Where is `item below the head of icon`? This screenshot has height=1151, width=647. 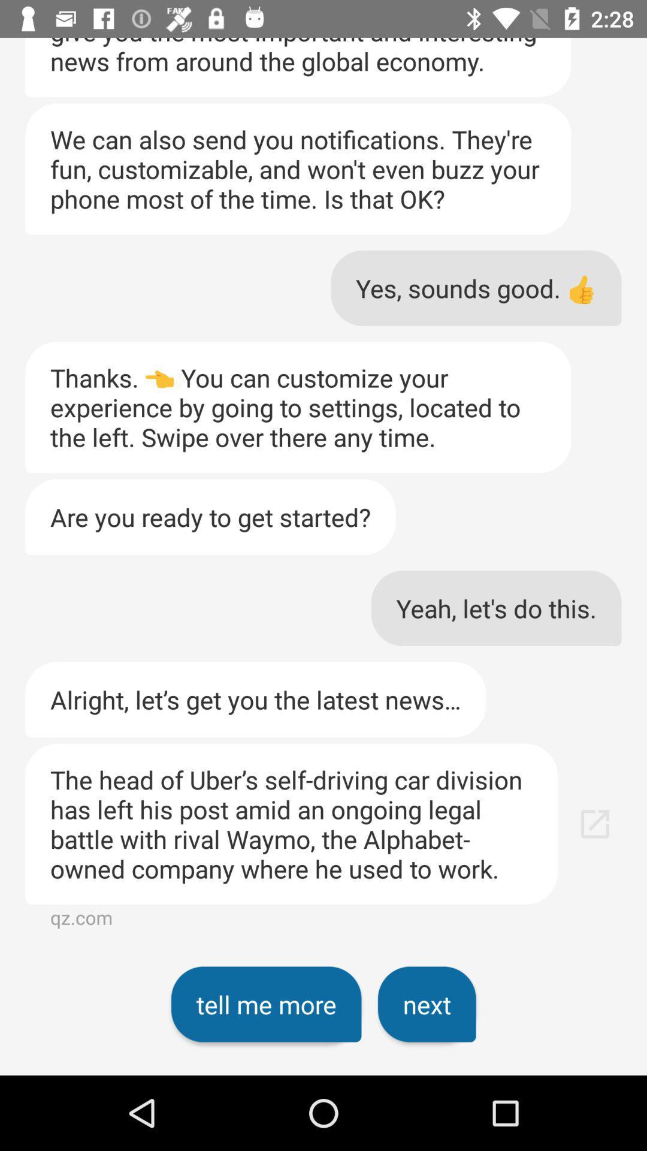
item below the head of icon is located at coordinates (265, 1004).